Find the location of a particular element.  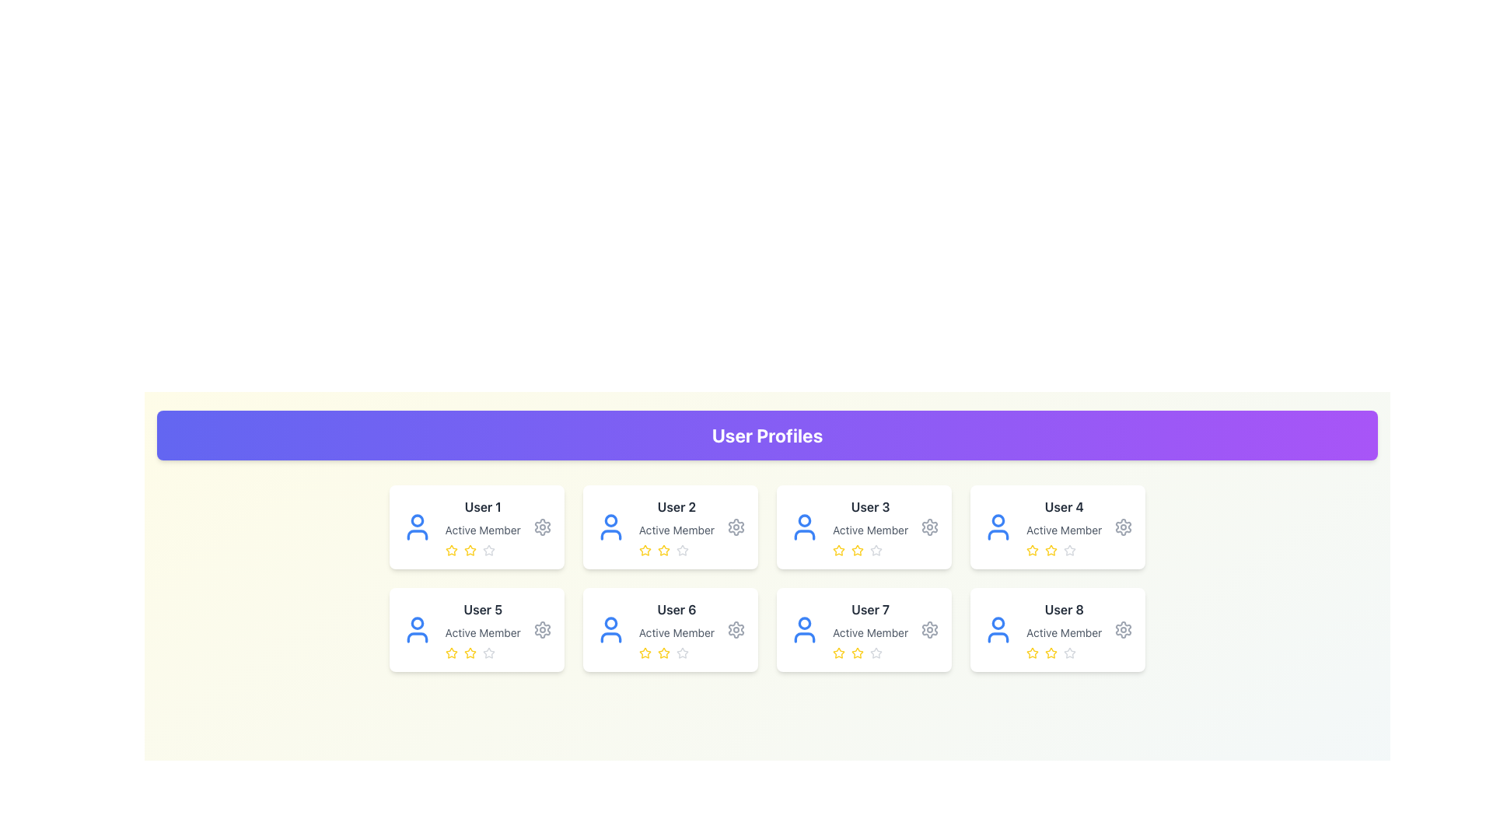

the settings icon located at the top-right corner of User 3's card in the user profile section is located at coordinates (930, 527).